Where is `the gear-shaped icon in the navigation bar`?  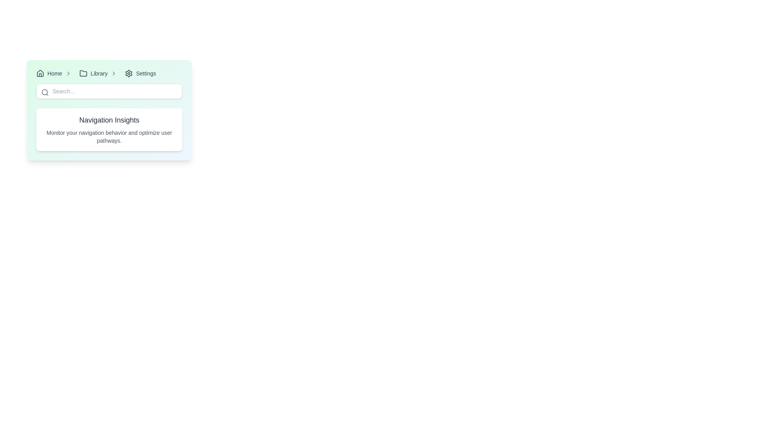
the gear-shaped icon in the navigation bar is located at coordinates (129, 73).